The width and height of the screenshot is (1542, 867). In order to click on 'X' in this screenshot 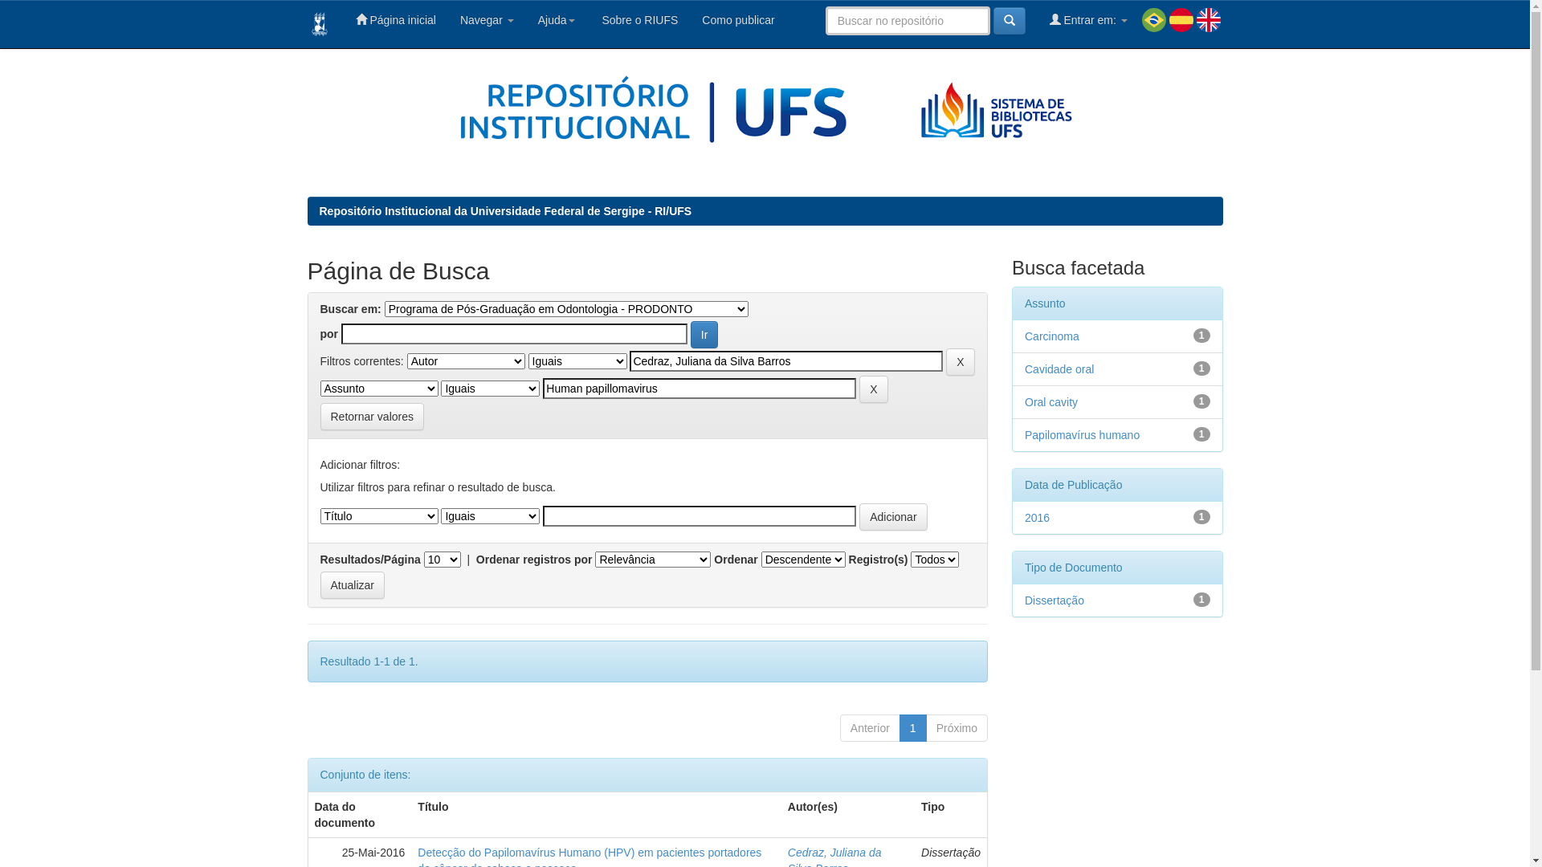, I will do `click(945, 362)`.